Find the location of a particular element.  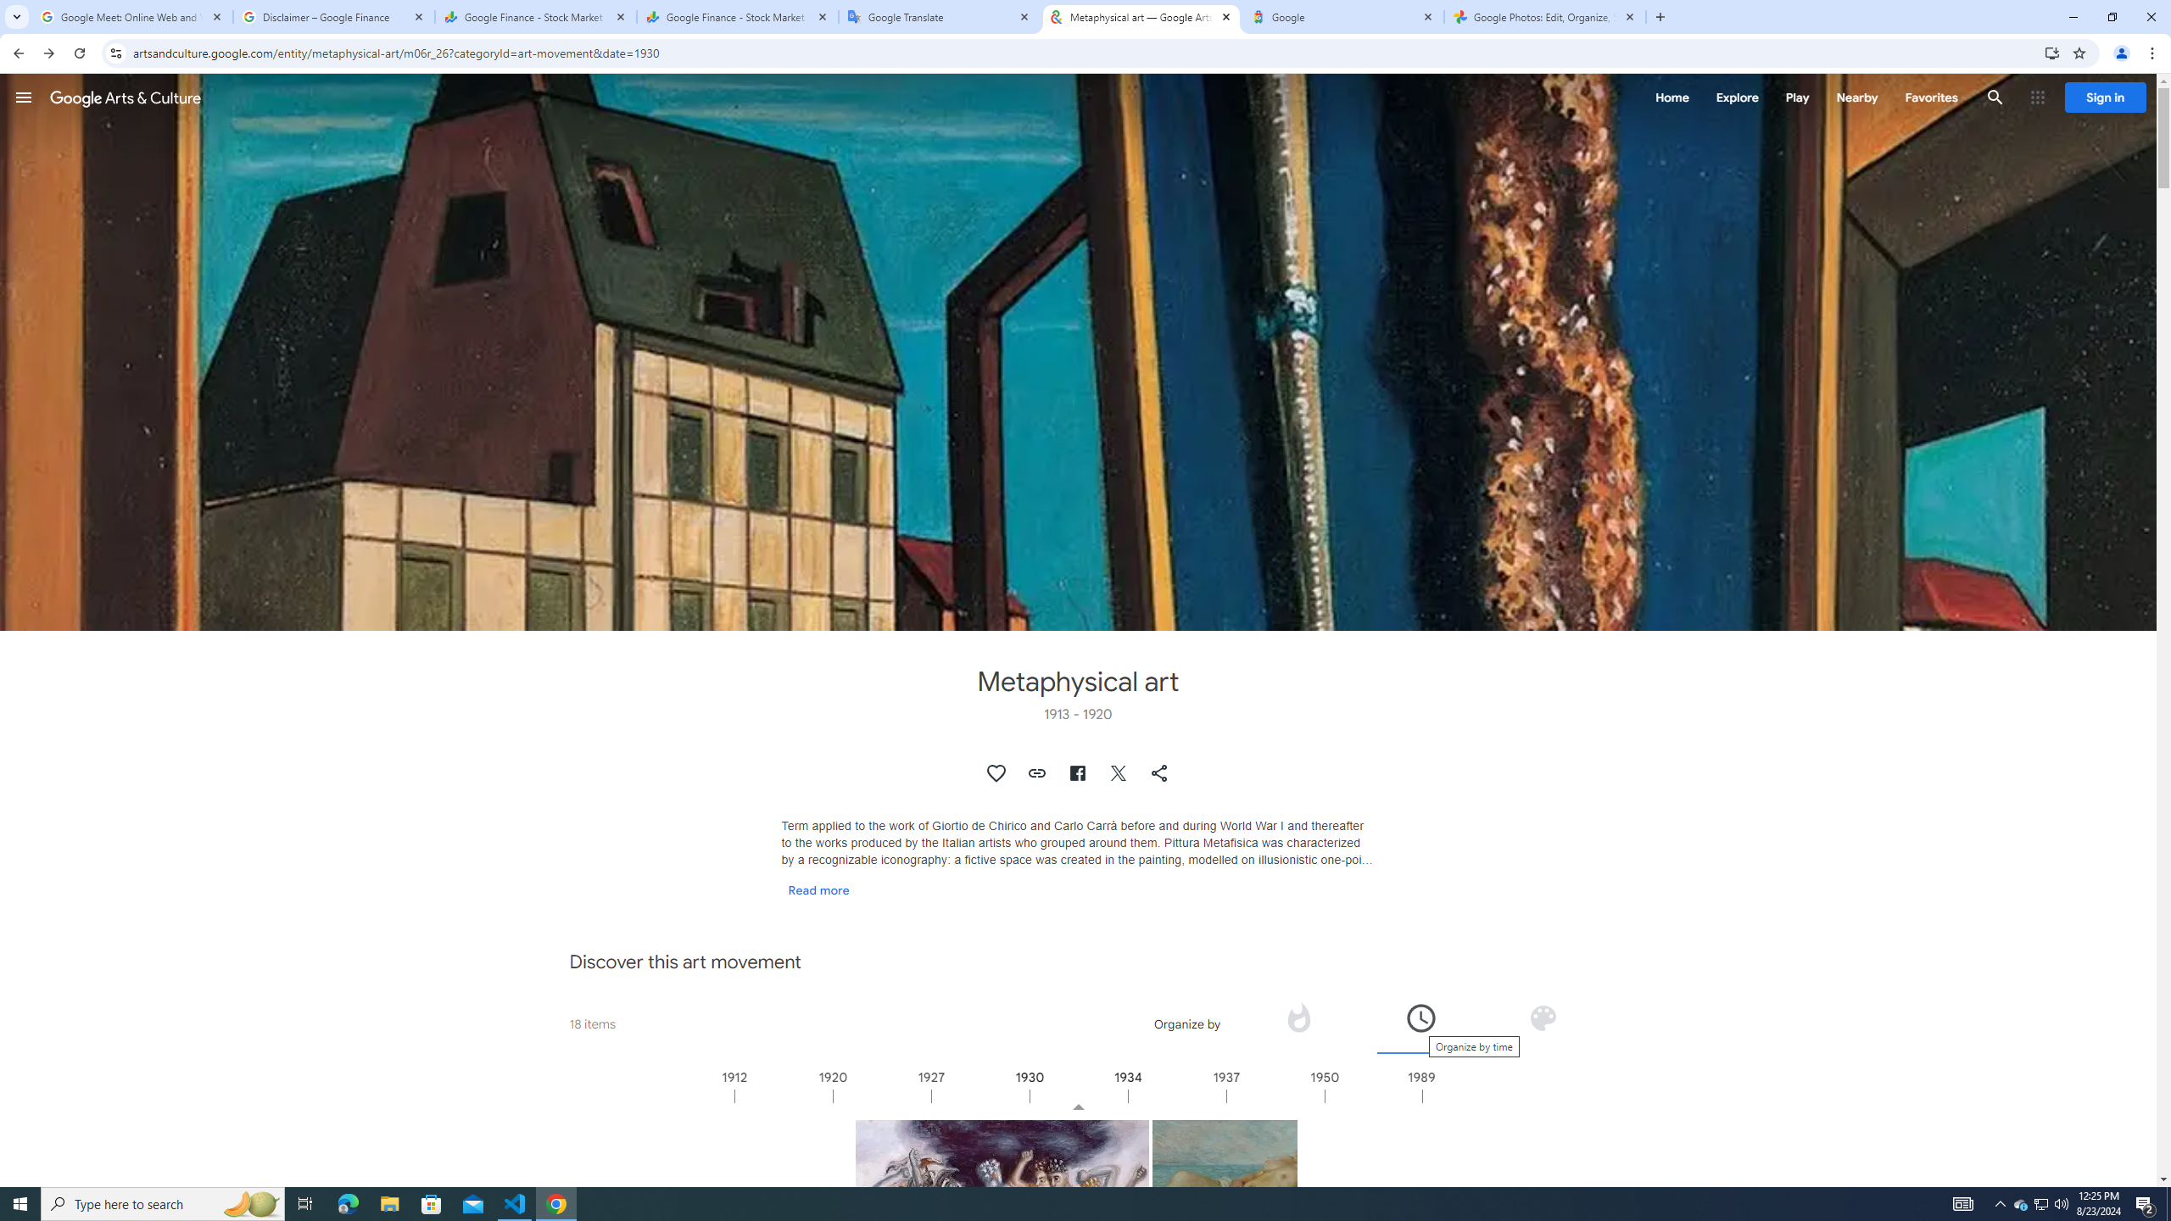

'Play' is located at coordinates (1797, 97).